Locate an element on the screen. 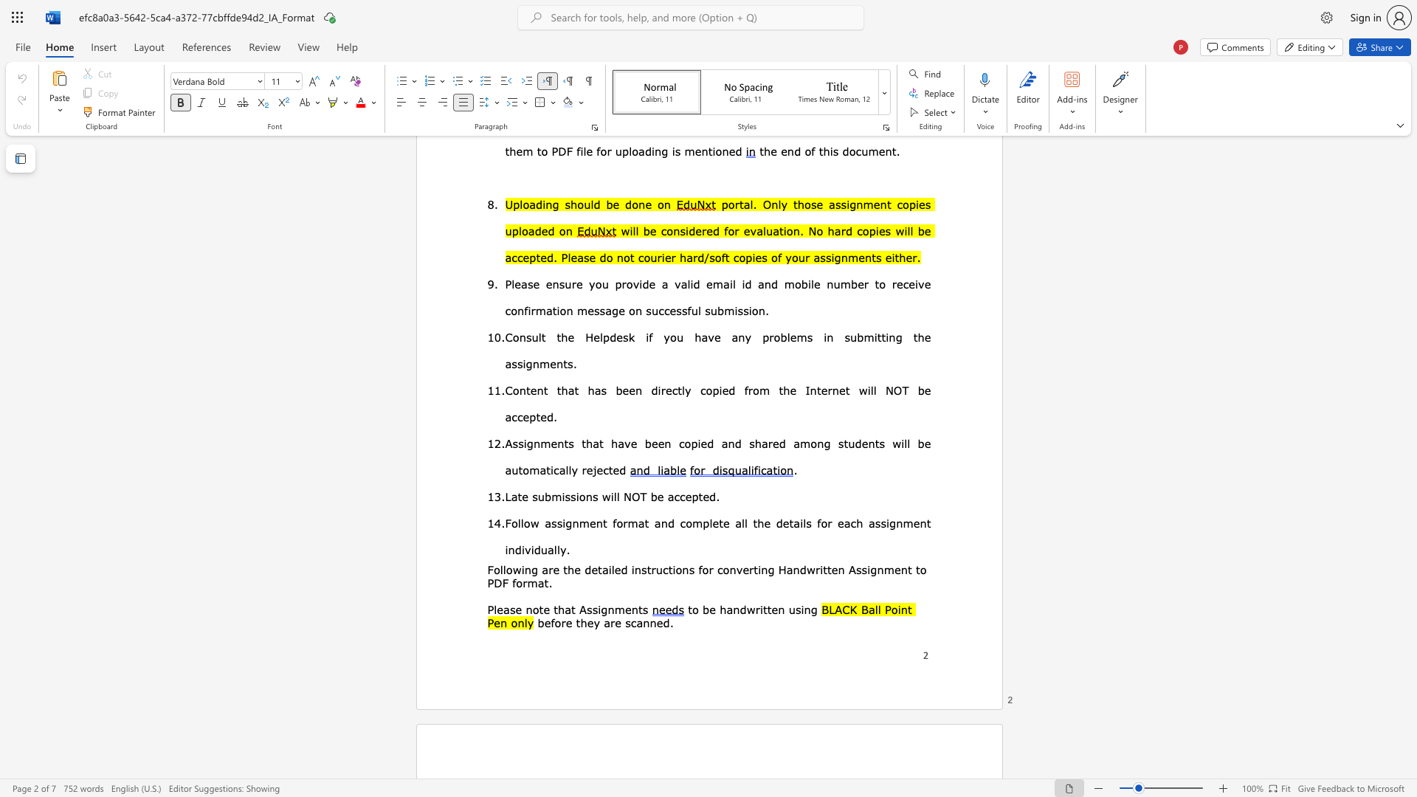 The height and width of the screenshot is (797, 1417). the subset text "en" within the text "Handwritten Assignment" is located at coordinates (893, 568).